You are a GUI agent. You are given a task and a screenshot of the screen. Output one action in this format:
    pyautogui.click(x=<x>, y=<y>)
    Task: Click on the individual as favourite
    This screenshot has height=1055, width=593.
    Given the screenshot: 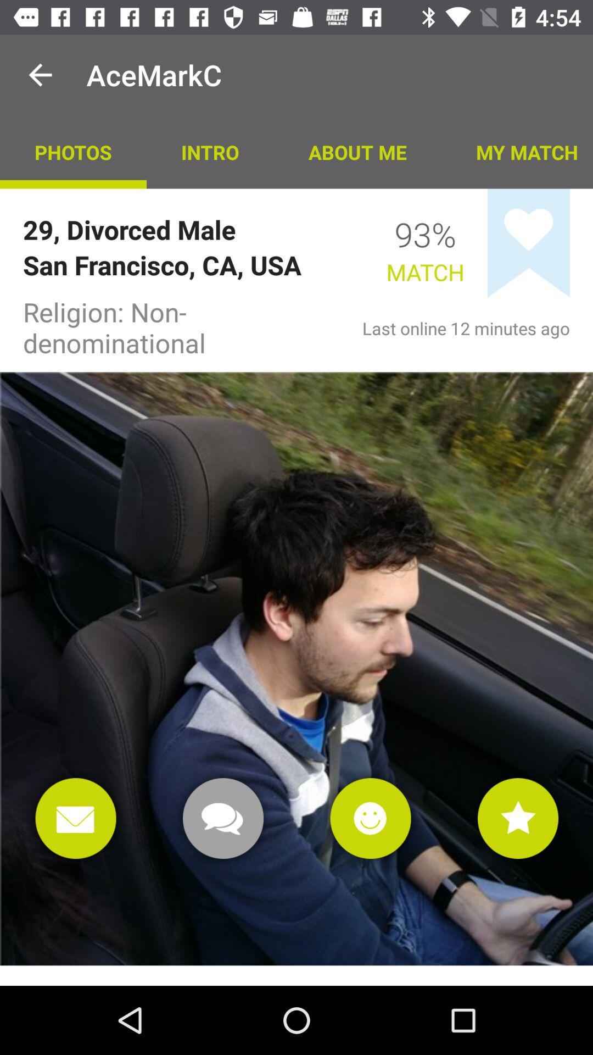 What is the action you would take?
    pyautogui.click(x=518, y=818)
    